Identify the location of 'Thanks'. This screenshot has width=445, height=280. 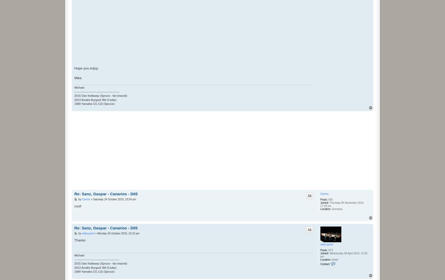
(74, 240).